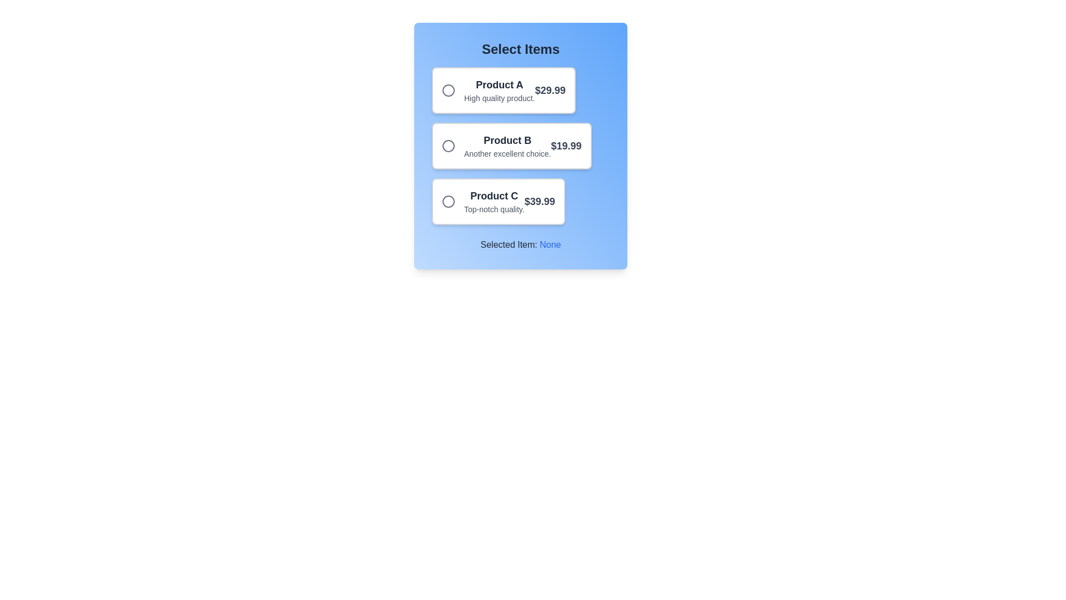 The height and width of the screenshot is (600, 1066). I want to click on the radio button for 'Product B', which is styled with a gray outline and positioned to the left of the text 'Product B Another excellent choice. $19.99', so click(453, 145).